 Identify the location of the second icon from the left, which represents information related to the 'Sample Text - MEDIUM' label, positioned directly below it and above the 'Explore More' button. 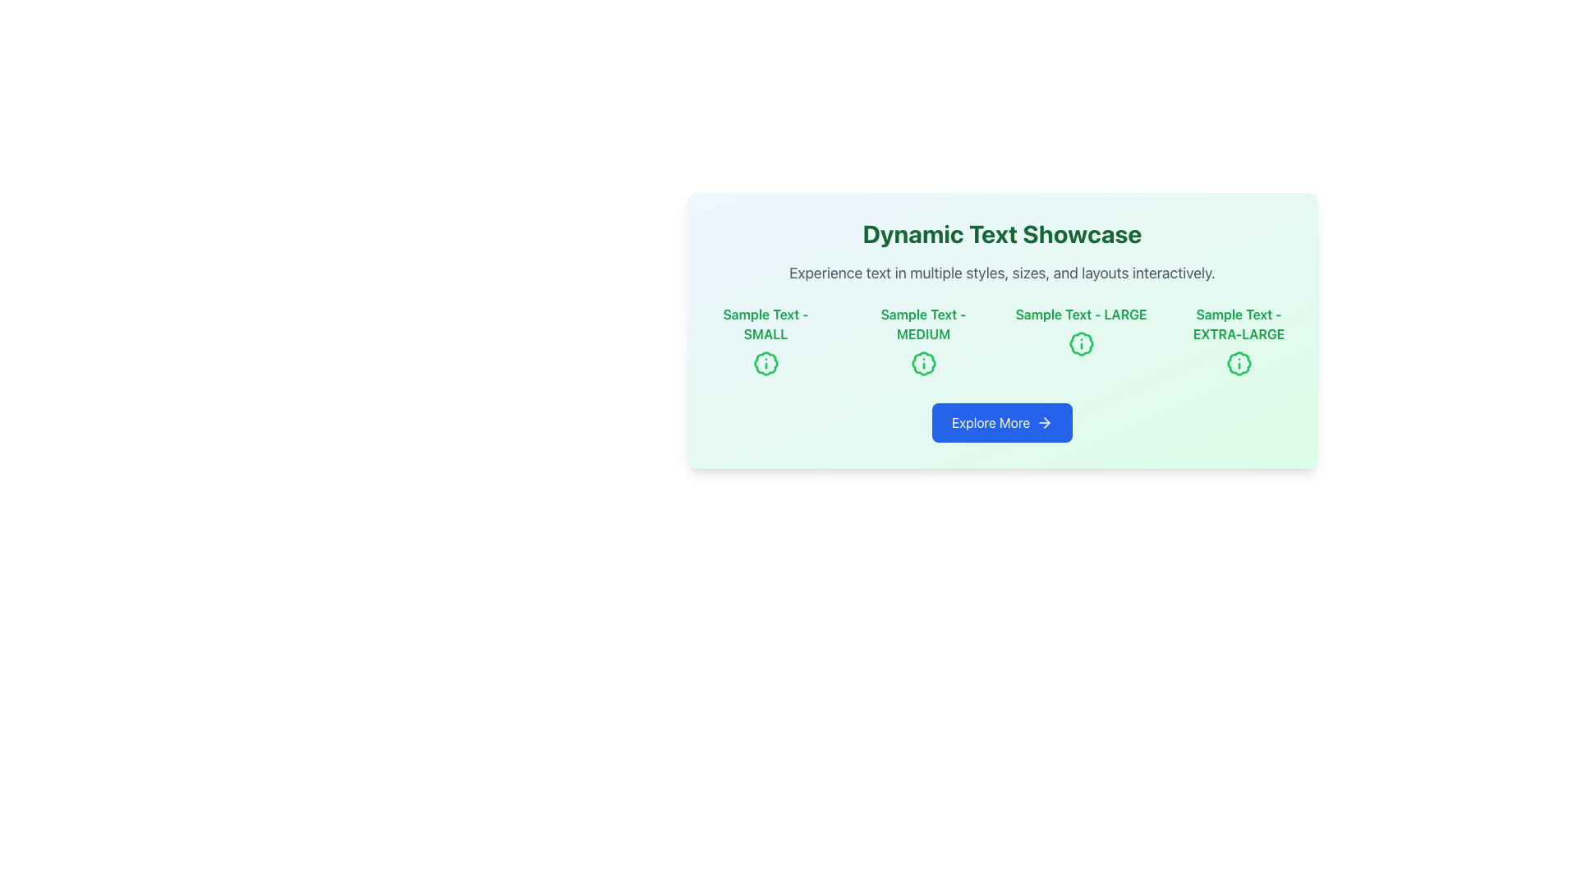
(923, 363).